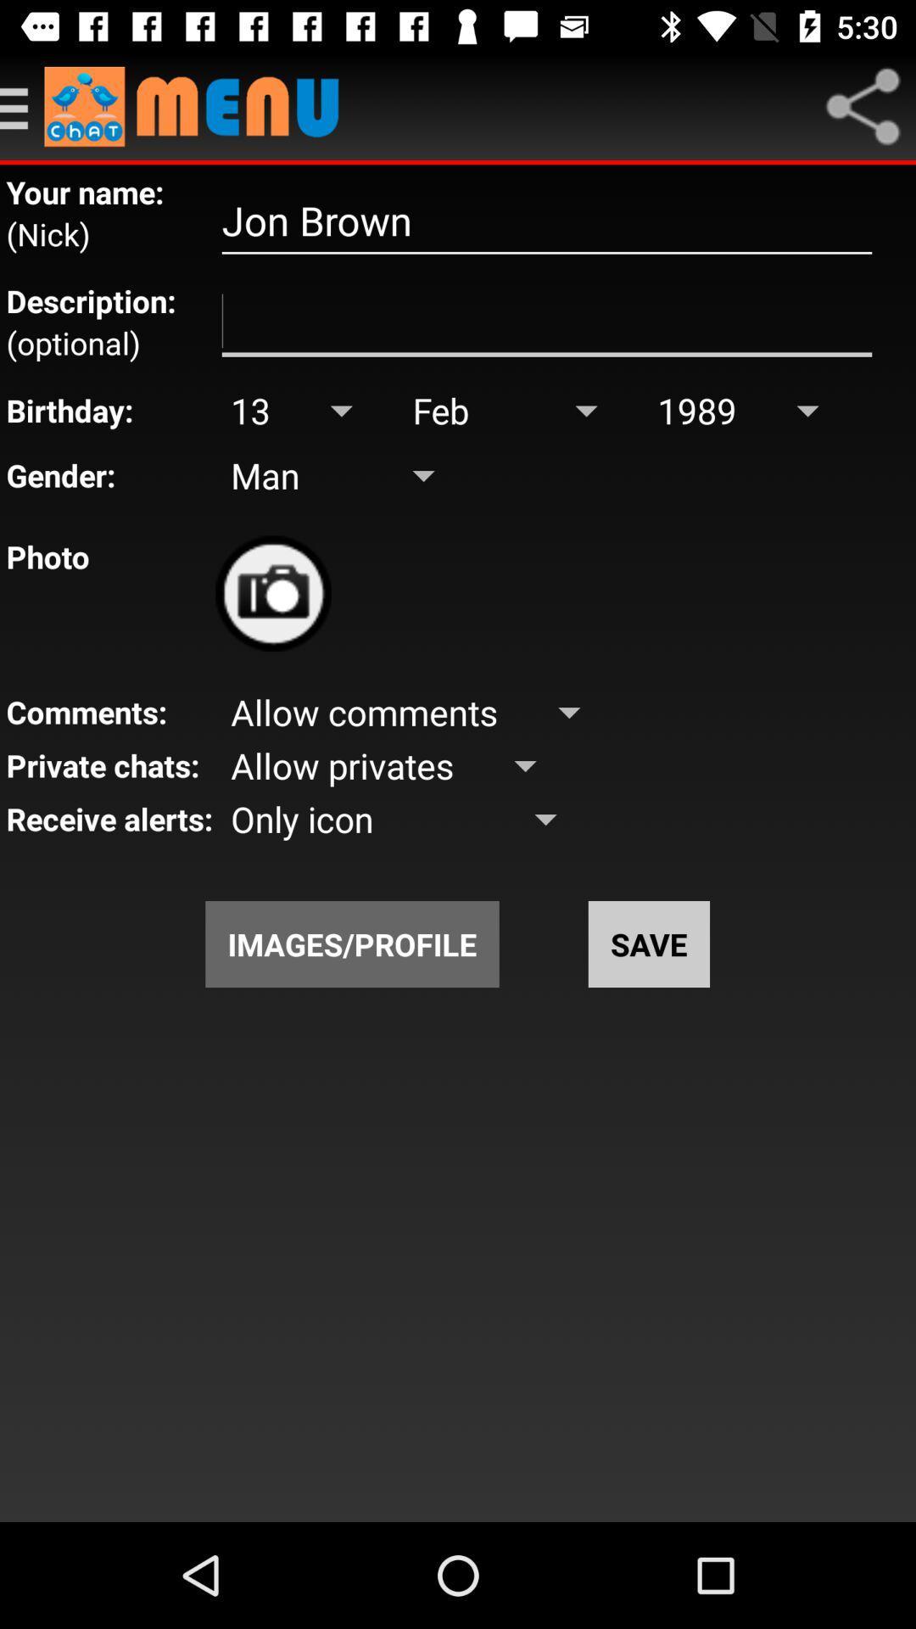  Describe the element at coordinates (546, 322) in the screenshot. I see `type in description` at that location.